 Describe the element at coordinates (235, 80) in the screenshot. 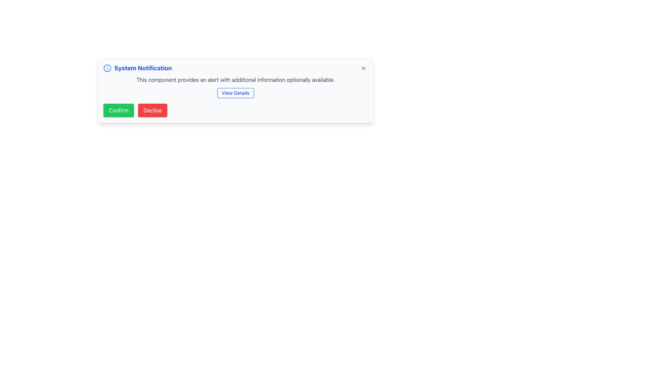

I see `the text component displaying the message 'This component provides an alert with additional information optionally available.' located below the title 'System Notification' and above the 'View Details' button` at that location.